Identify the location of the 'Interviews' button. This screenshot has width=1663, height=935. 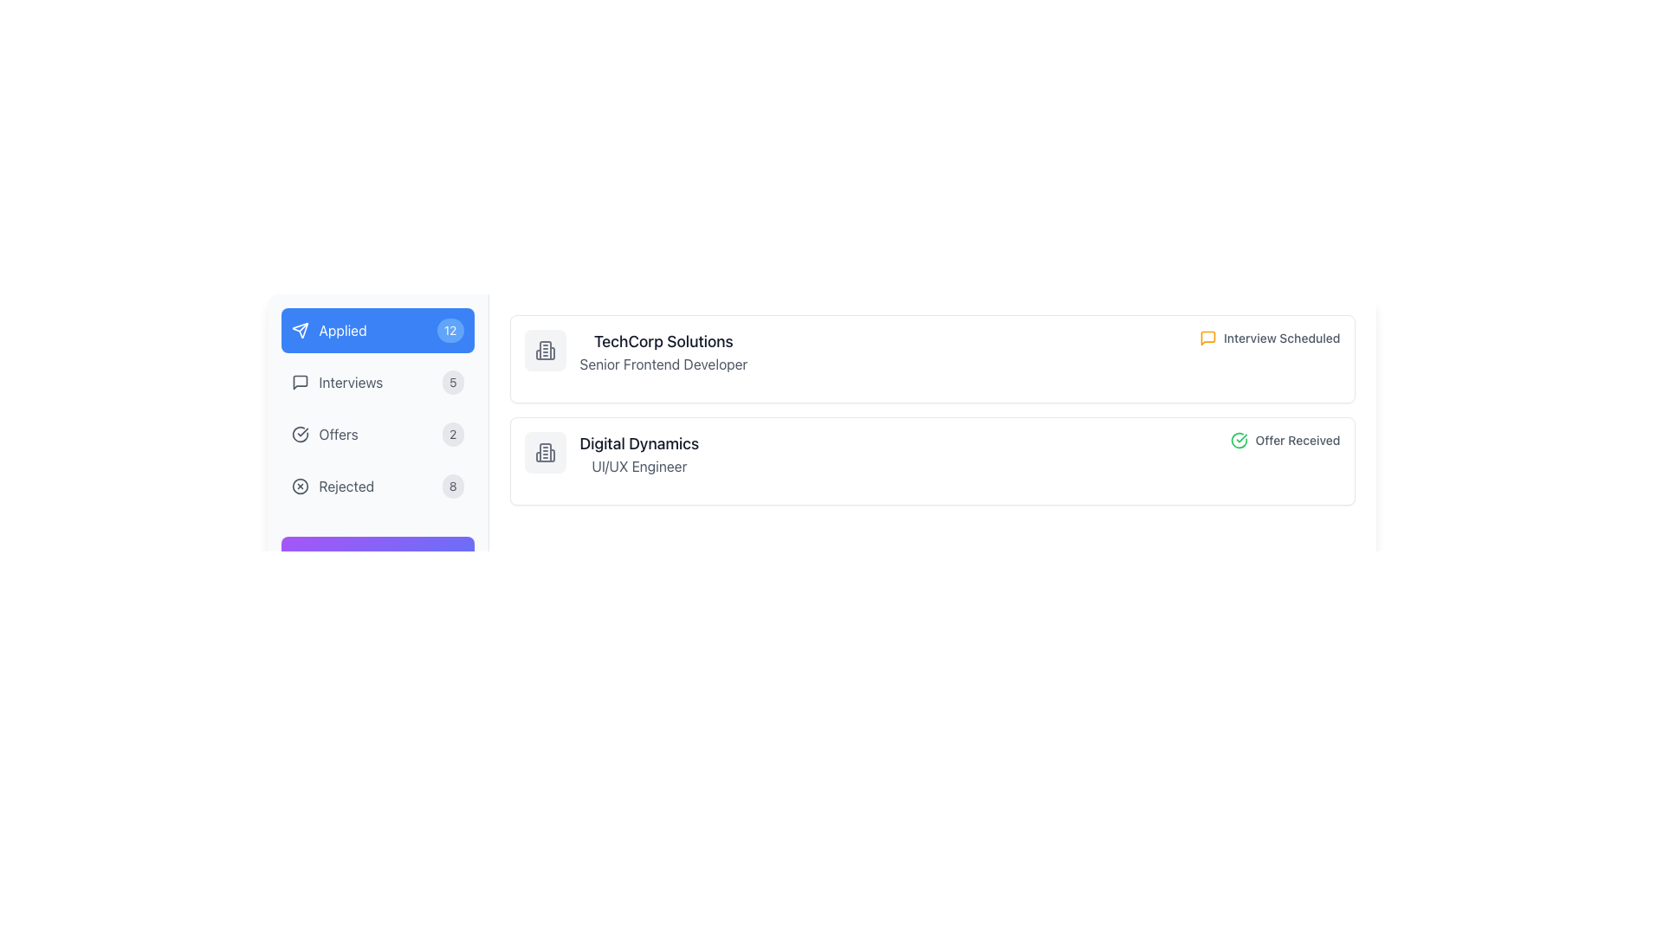
(377, 382).